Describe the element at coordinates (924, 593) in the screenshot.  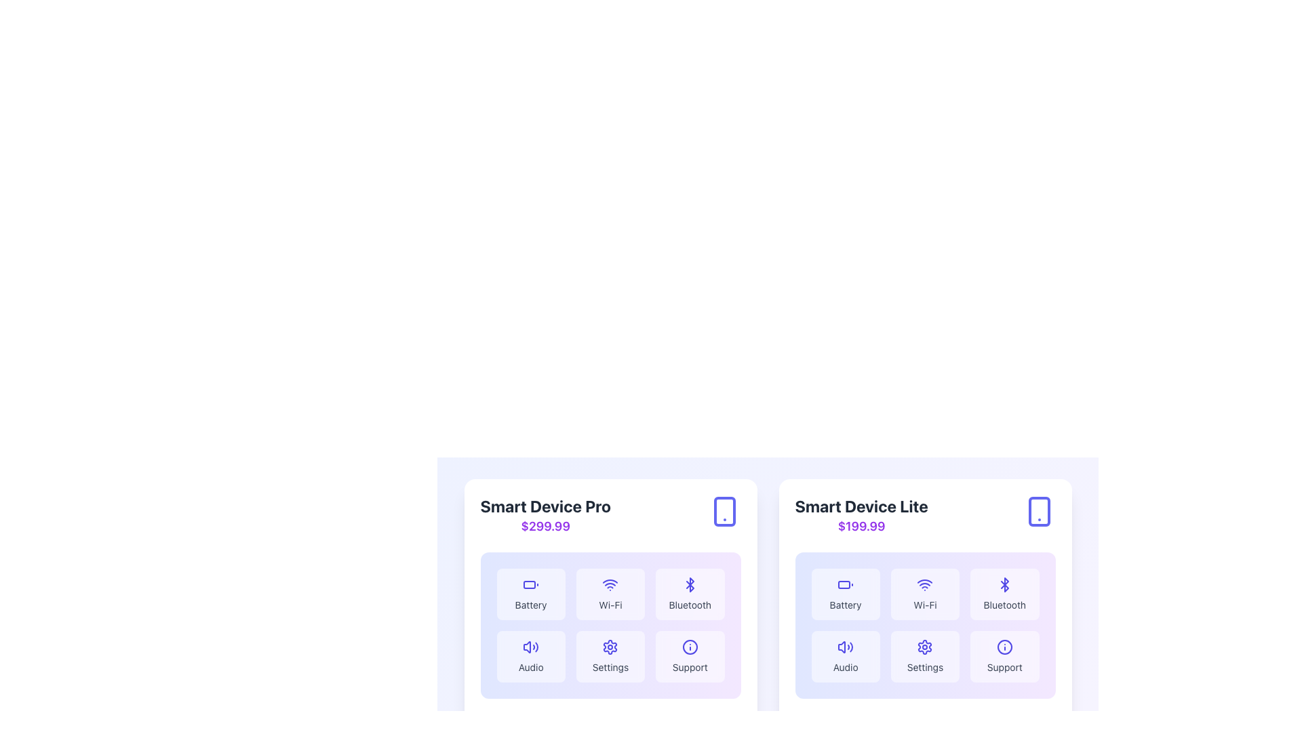
I see `the Wi-Fi control button located in the second row, center column of the grid layout in the 'Smart Device Lite' interface` at that location.